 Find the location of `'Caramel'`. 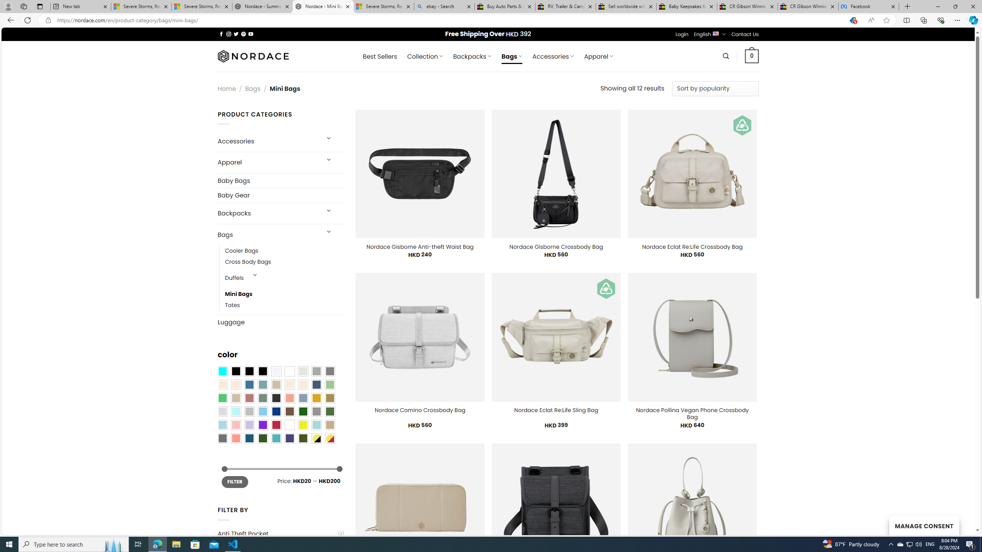

'Caramel' is located at coordinates (289, 384).